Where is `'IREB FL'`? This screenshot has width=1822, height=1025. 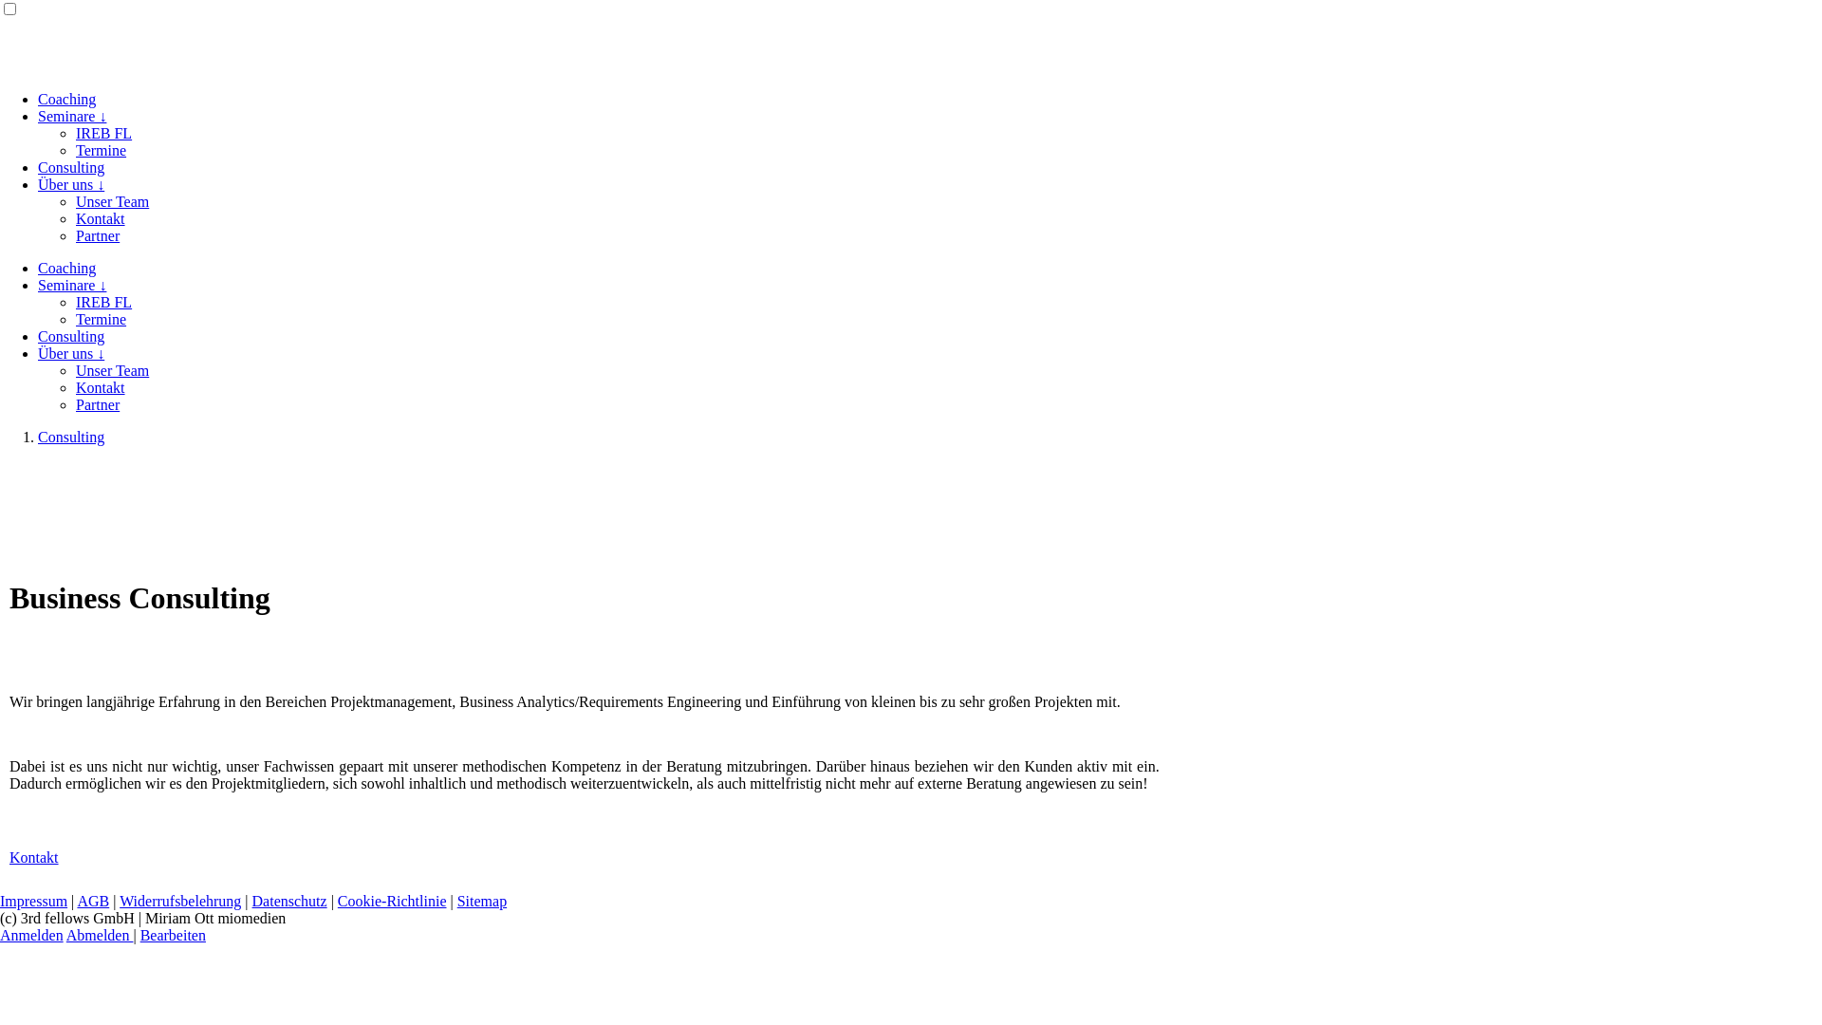
'IREB FL' is located at coordinates (76, 132).